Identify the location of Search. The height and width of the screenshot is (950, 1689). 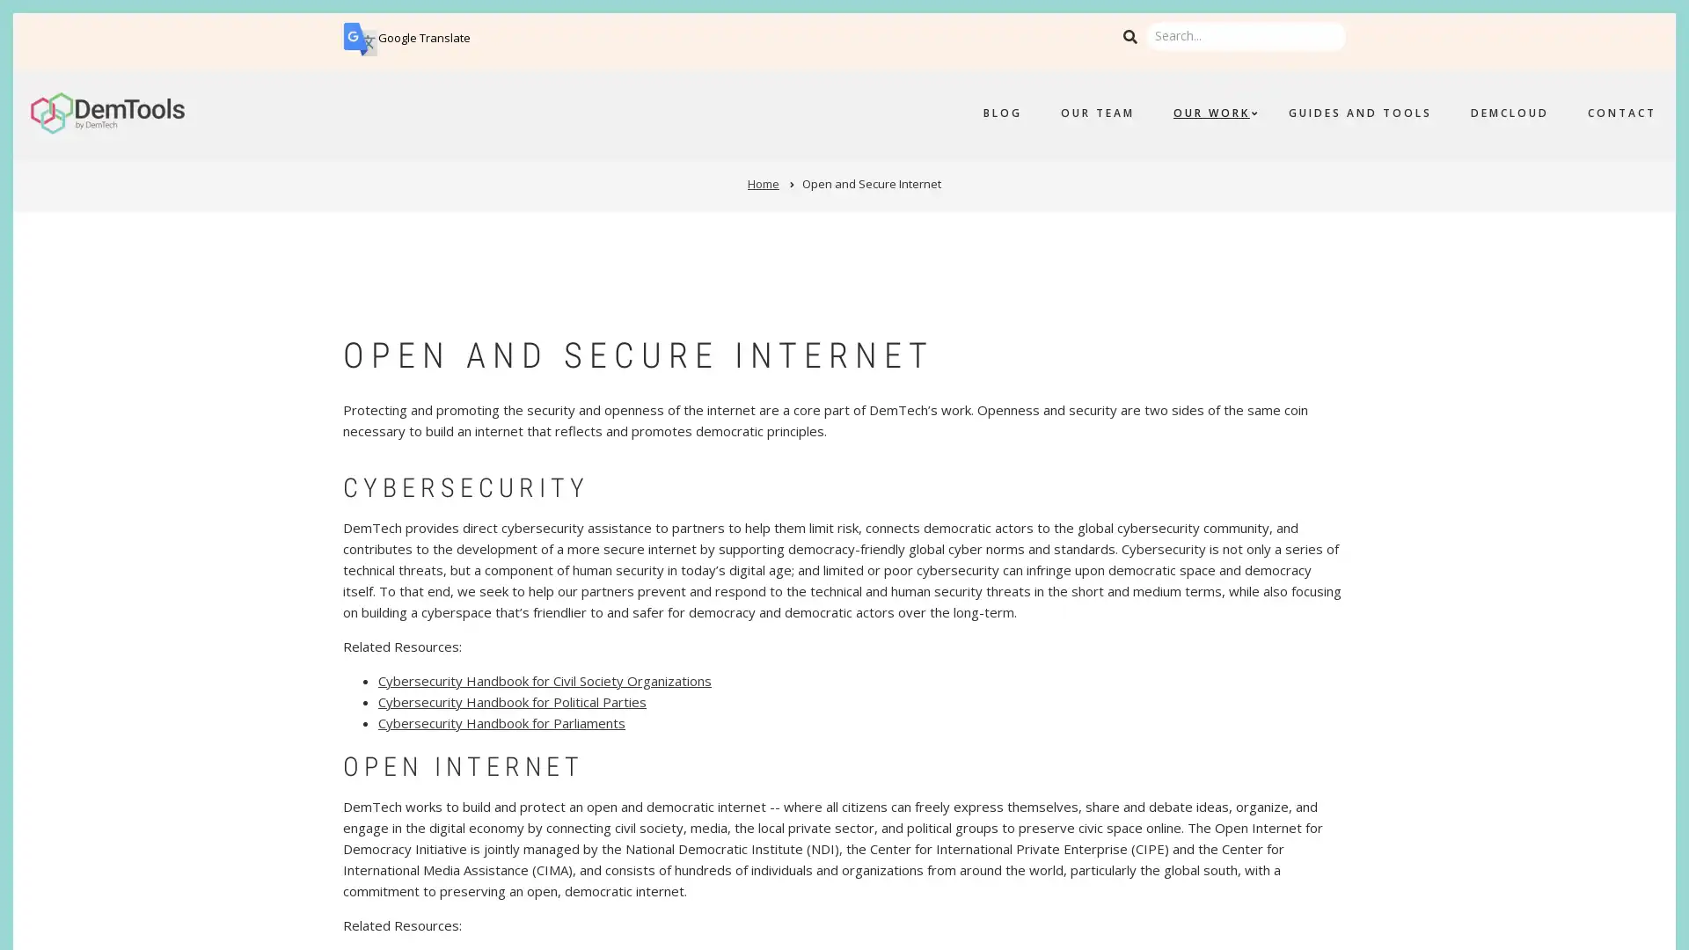
(1130, 37).